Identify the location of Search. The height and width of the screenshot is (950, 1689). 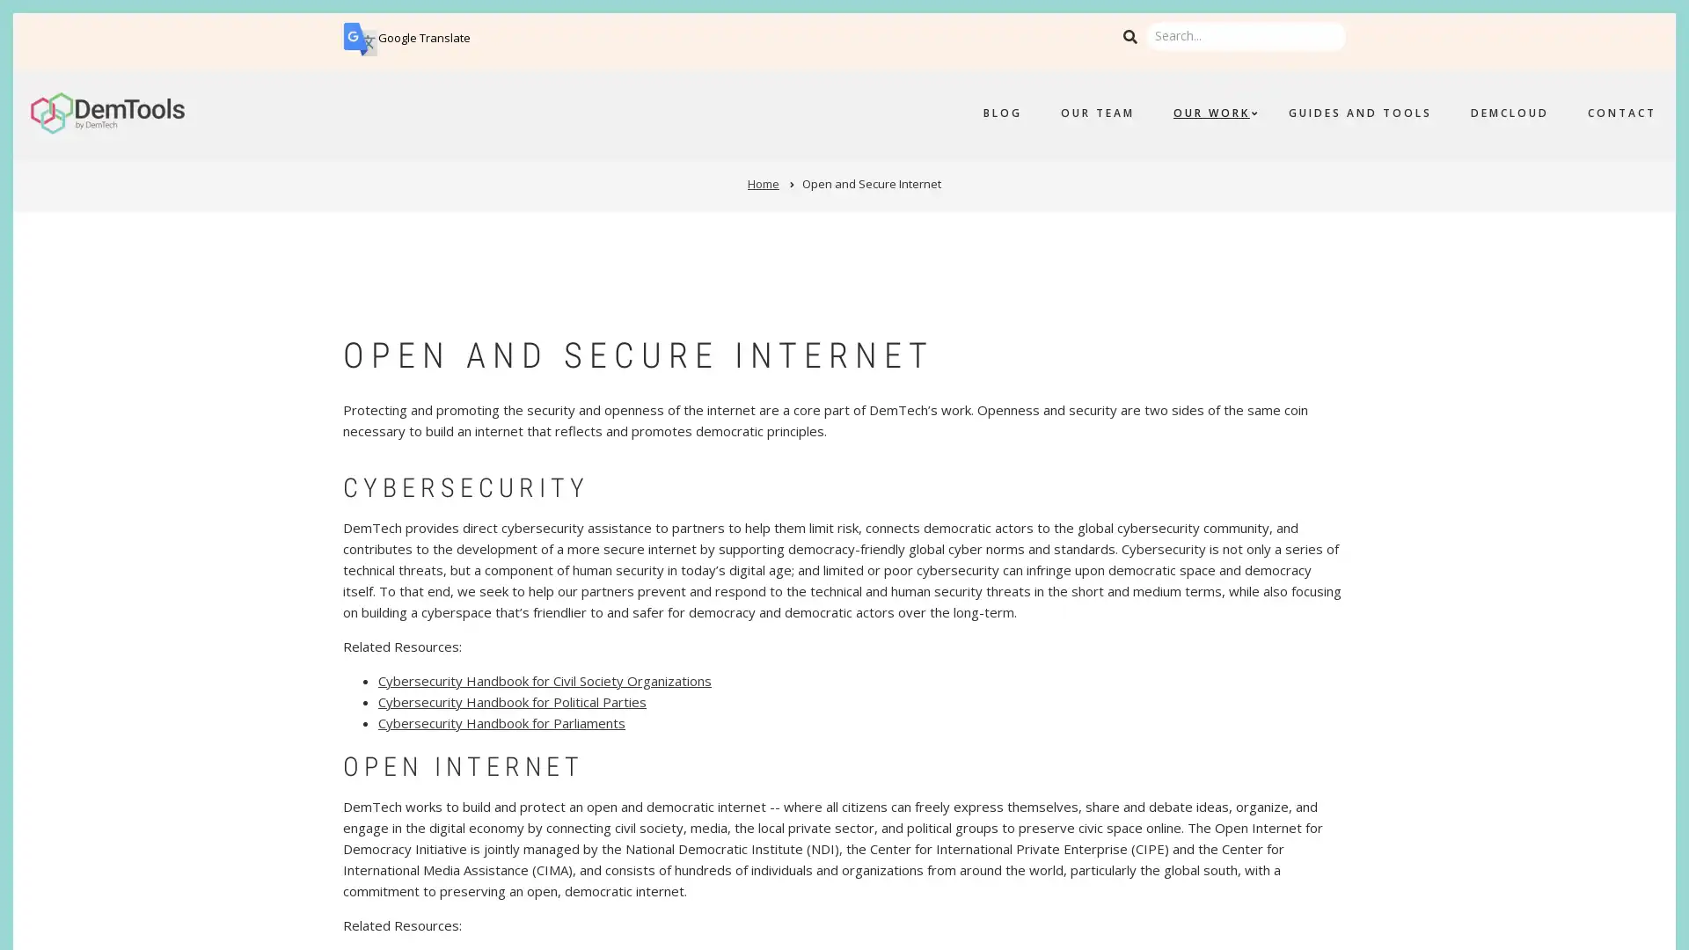
(1130, 37).